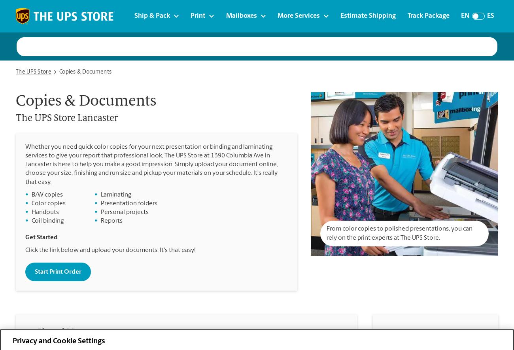 The height and width of the screenshot is (350, 514). I want to click on 'The UPS Store Lancaster', so click(67, 118).